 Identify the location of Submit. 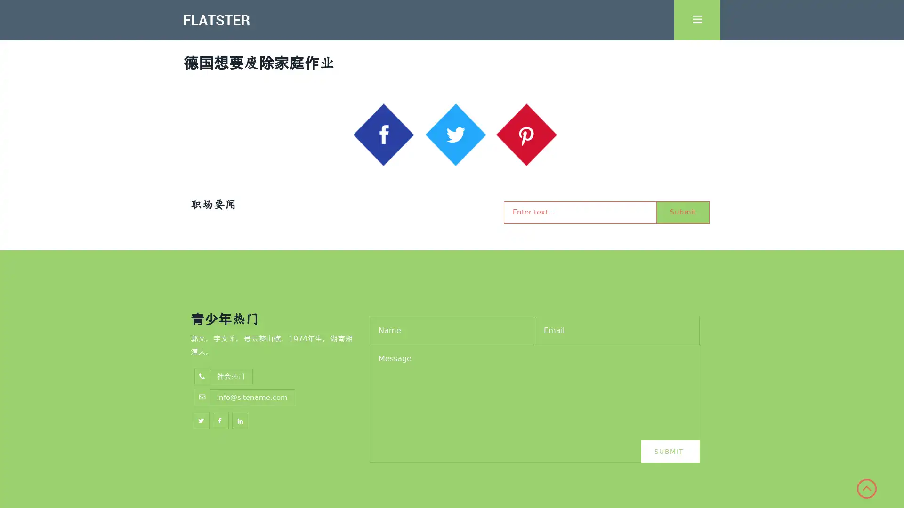
(678, 212).